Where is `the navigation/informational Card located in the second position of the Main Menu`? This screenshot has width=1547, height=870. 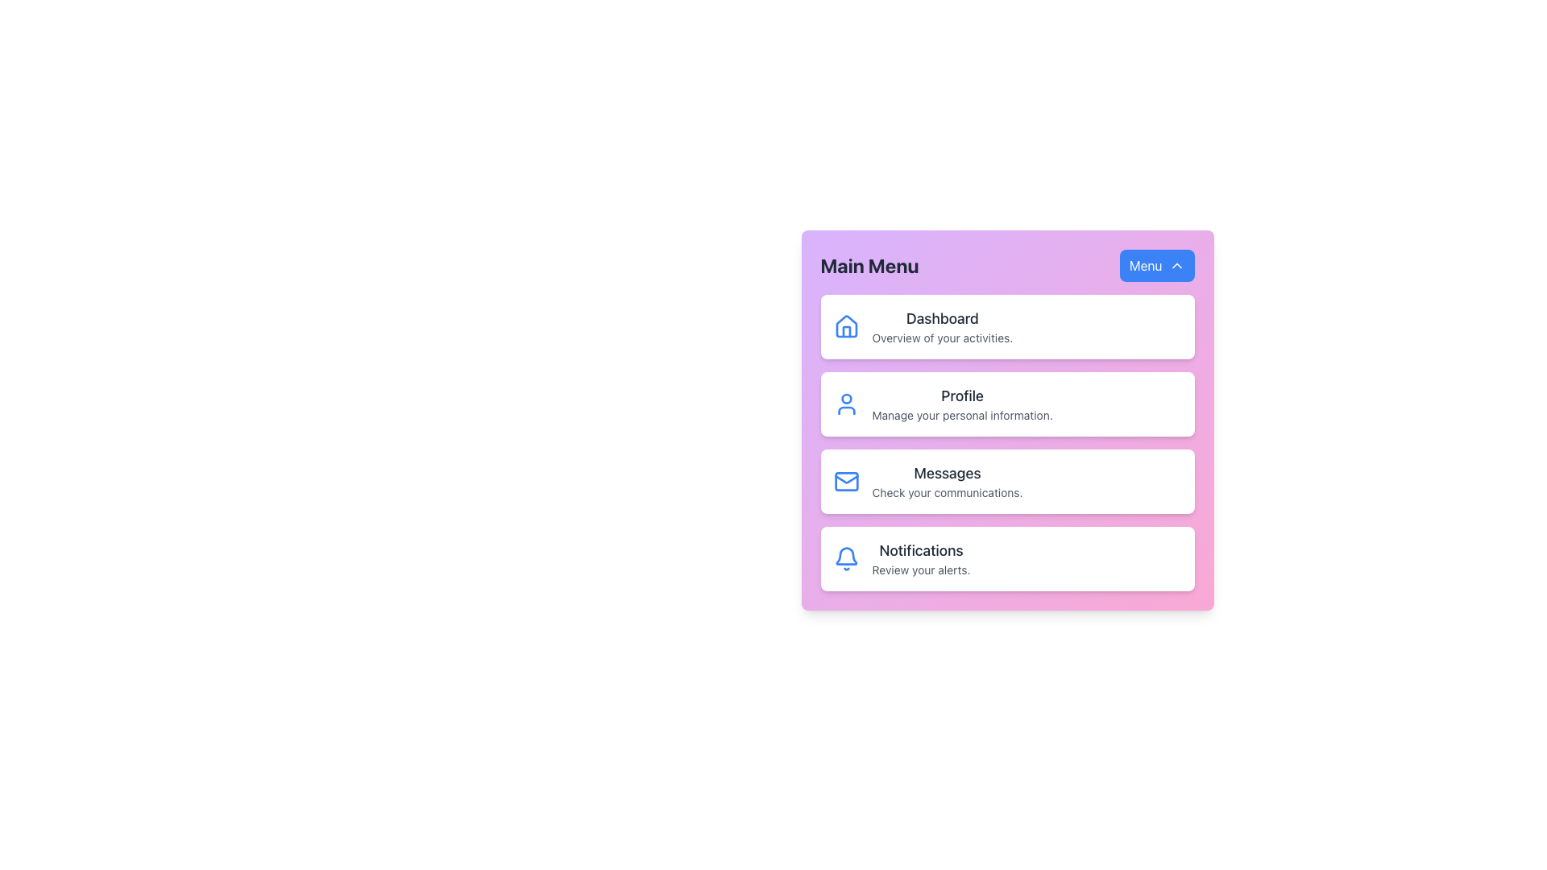
the navigation/informational Card located in the second position of the Main Menu is located at coordinates (1006, 443).